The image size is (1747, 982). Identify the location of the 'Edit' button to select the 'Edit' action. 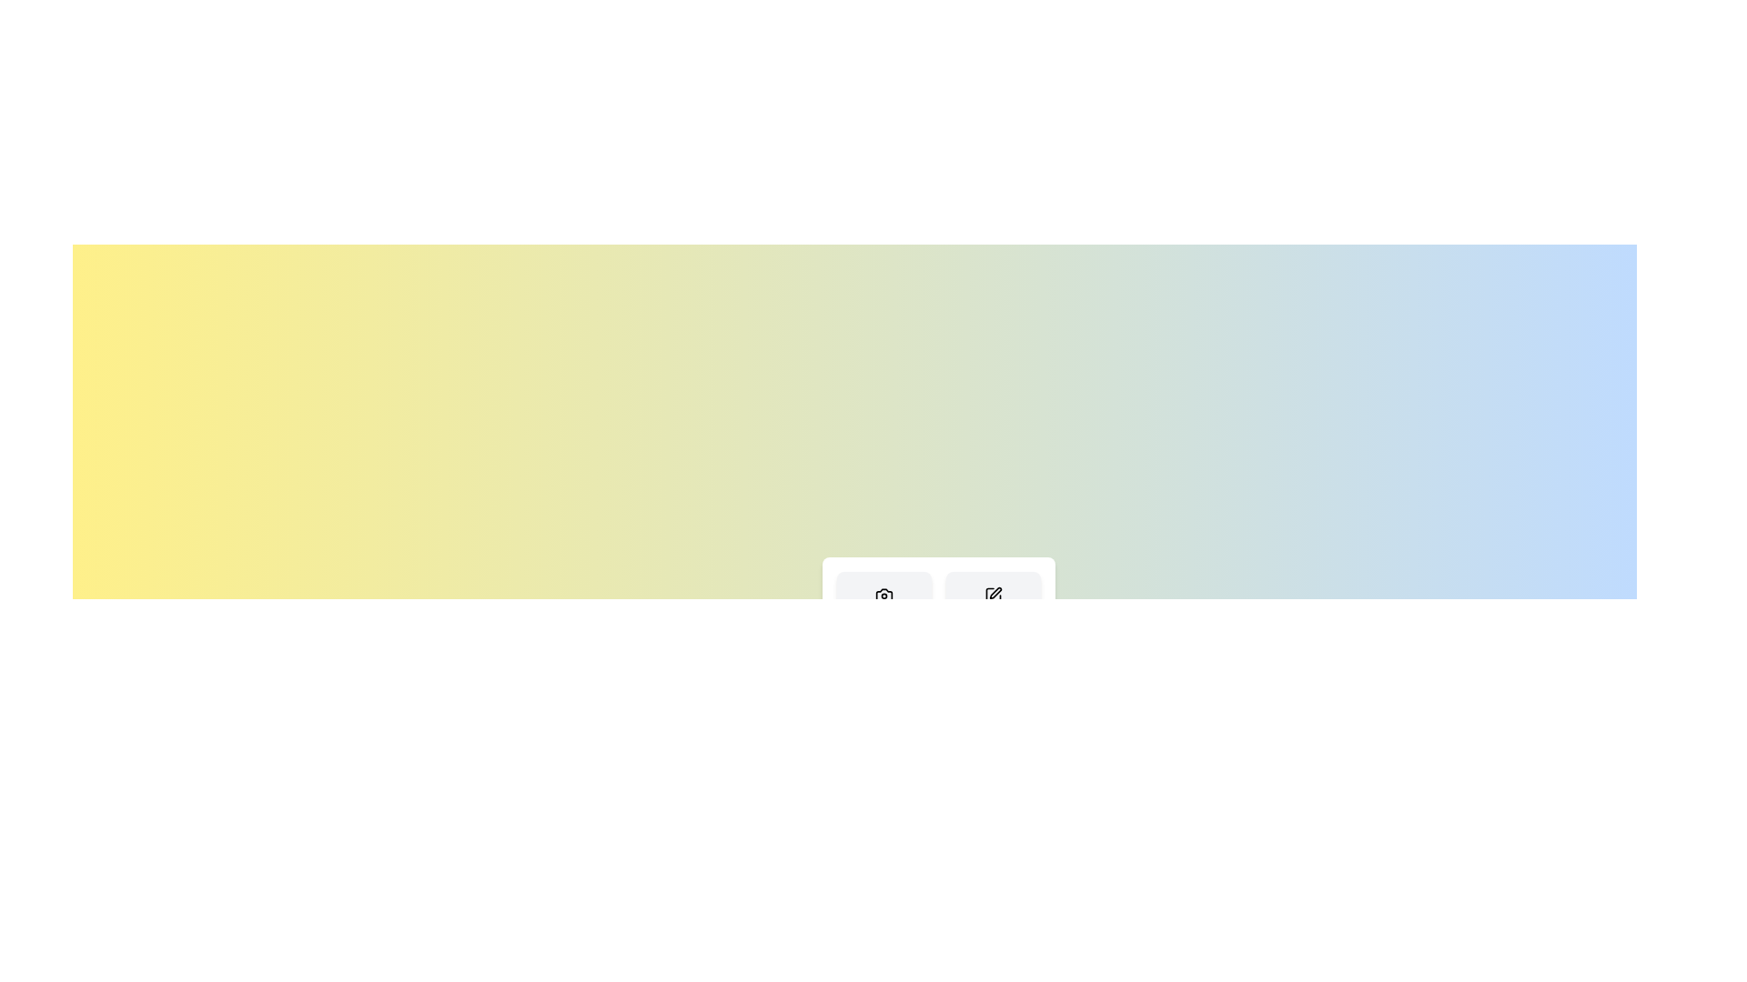
(992, 607).